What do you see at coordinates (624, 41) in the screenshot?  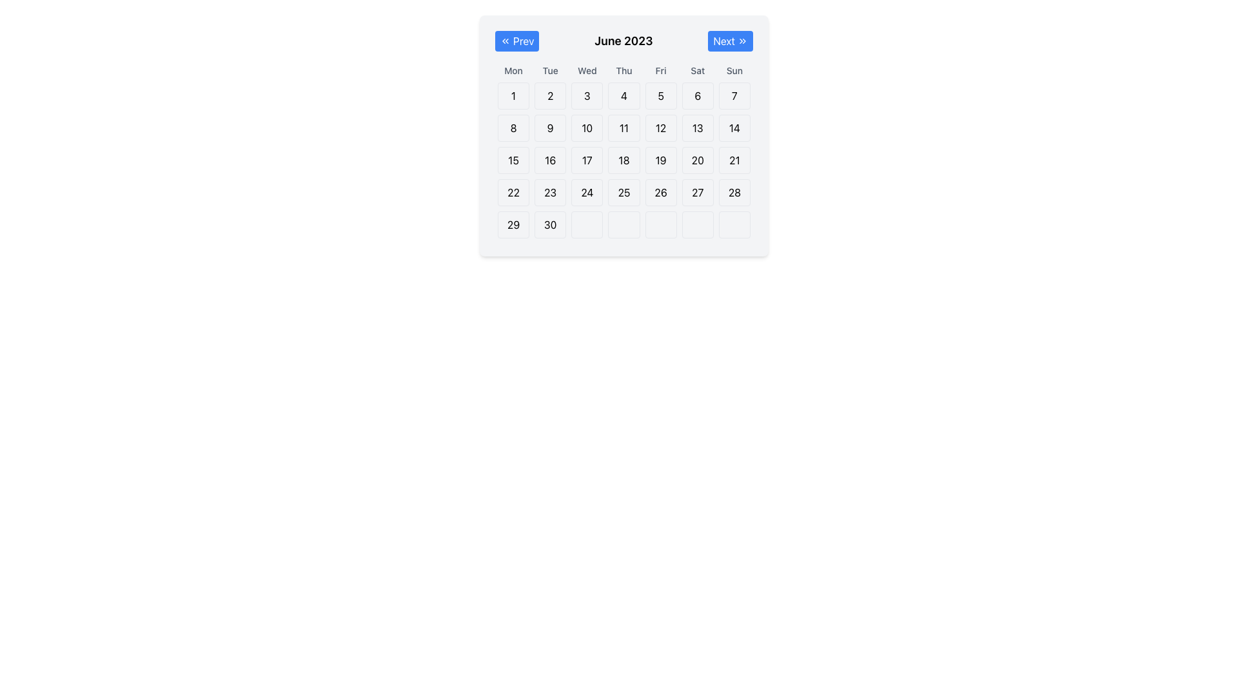 I see `the text label displaying the currently selected month and year in the calendar navigation interface, which is centrally positioned between the 'Prev' and 'Next' buttons` at bounding box center [624, 41].